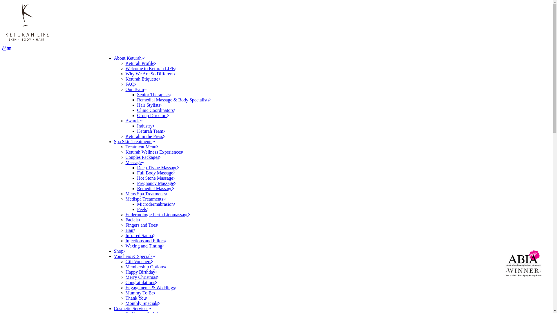  I want to click on 'Keturah Team', so click(151, 131).